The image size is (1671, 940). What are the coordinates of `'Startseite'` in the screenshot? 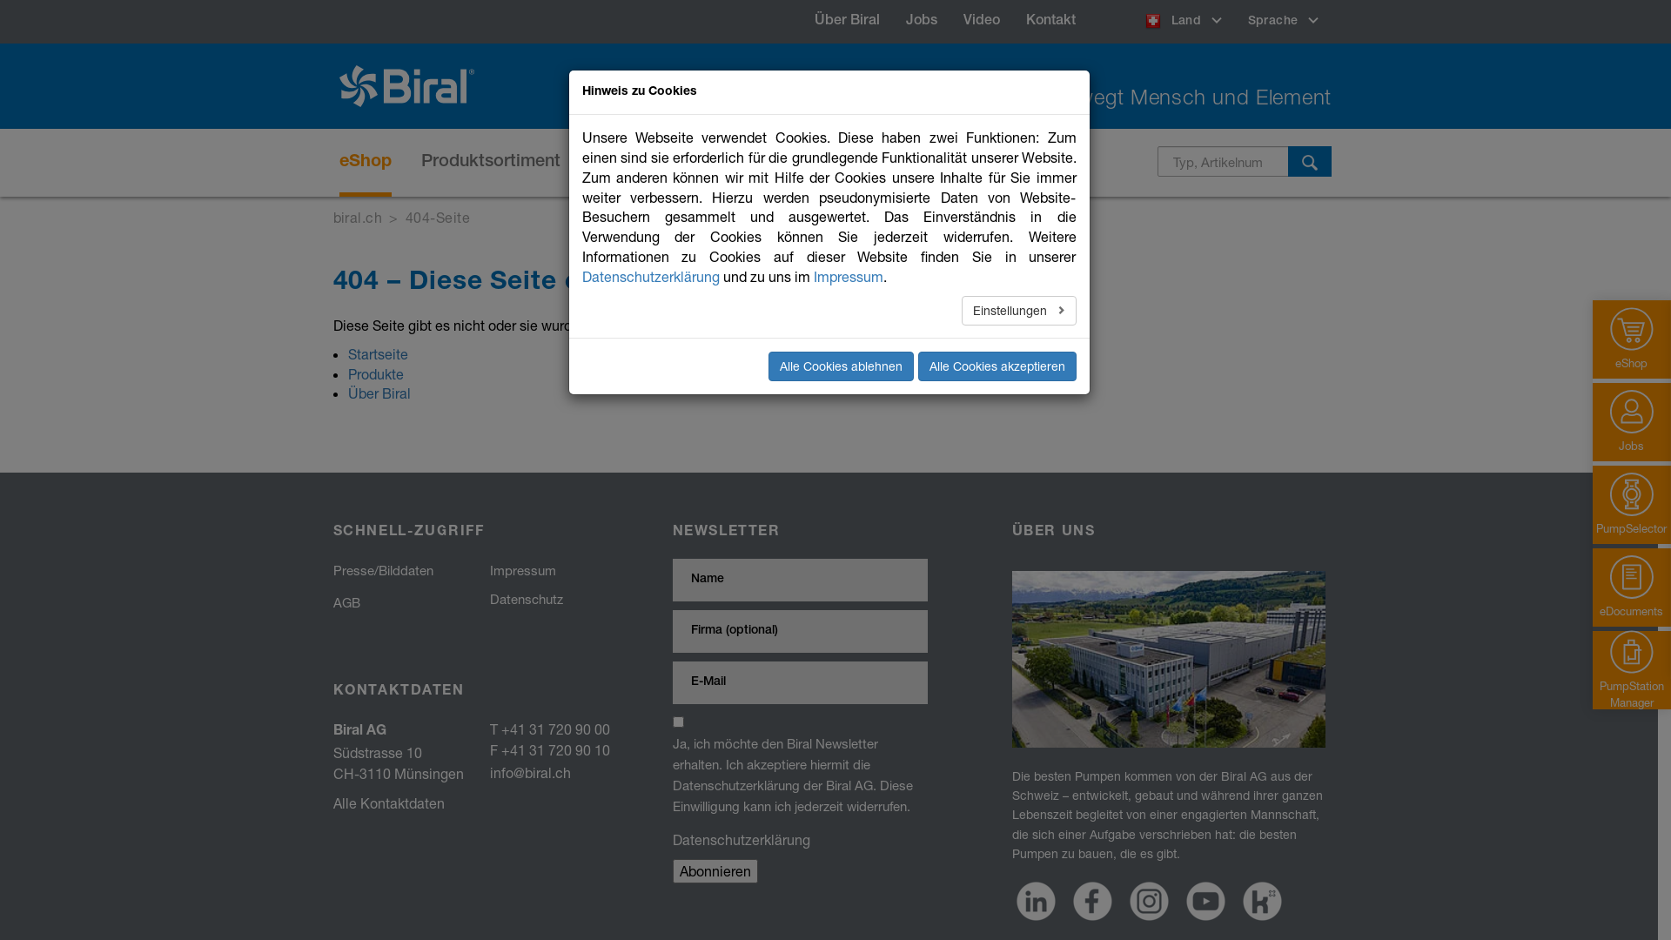 It's located at (347, 352).